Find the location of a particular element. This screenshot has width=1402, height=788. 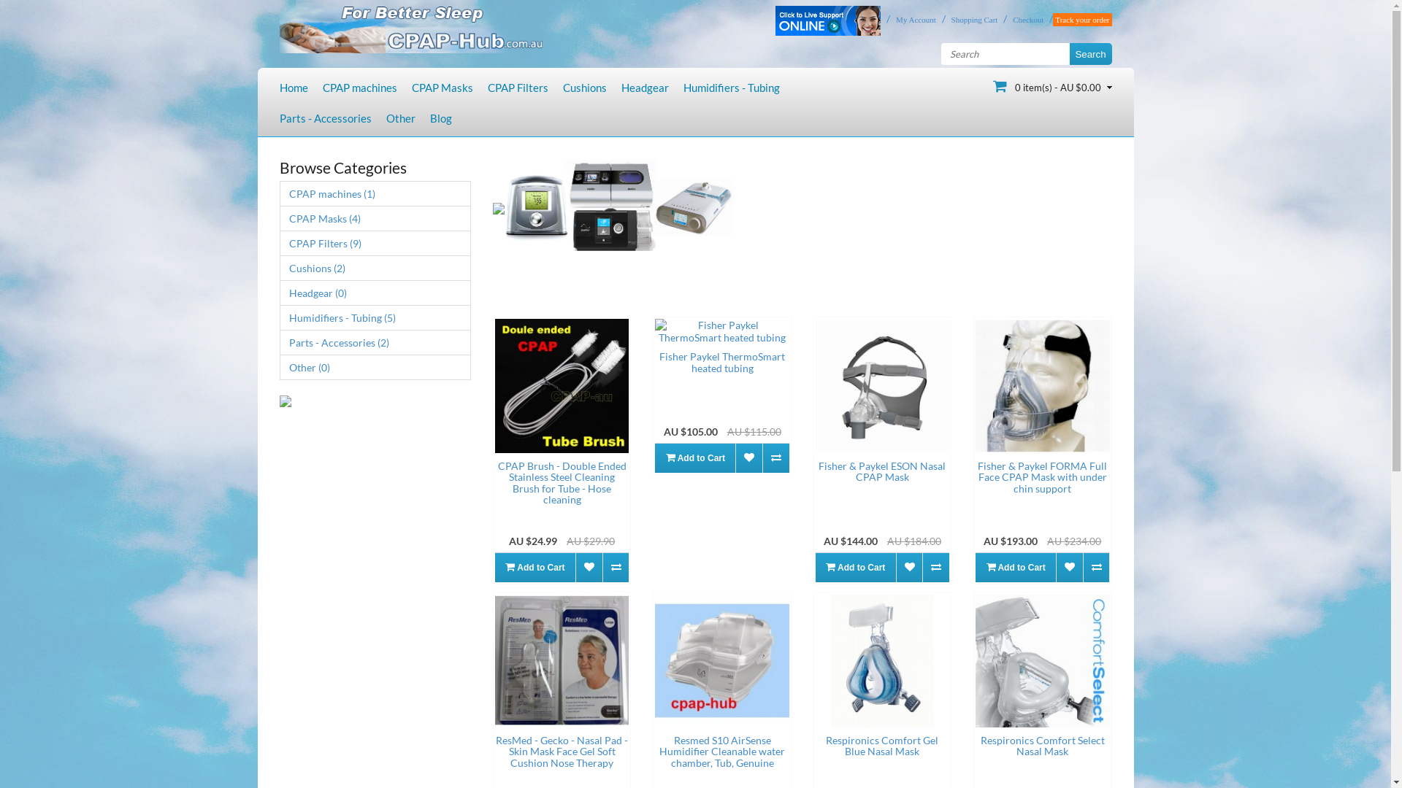

'Track your order' is located at coordinates (1052, 20).